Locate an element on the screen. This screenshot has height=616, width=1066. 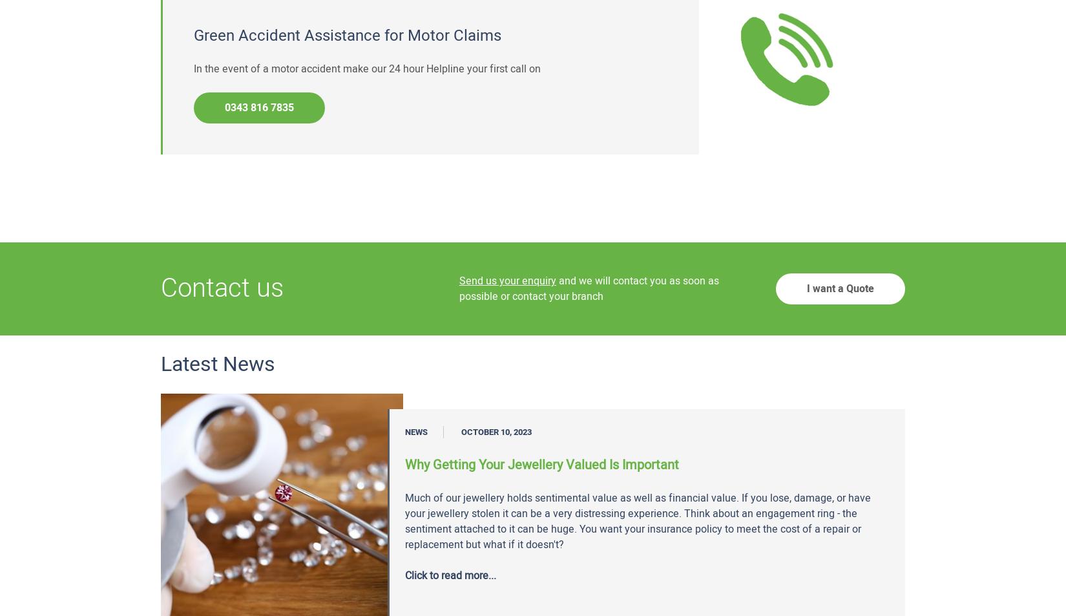
'News' is located at coordinates (415, 432).